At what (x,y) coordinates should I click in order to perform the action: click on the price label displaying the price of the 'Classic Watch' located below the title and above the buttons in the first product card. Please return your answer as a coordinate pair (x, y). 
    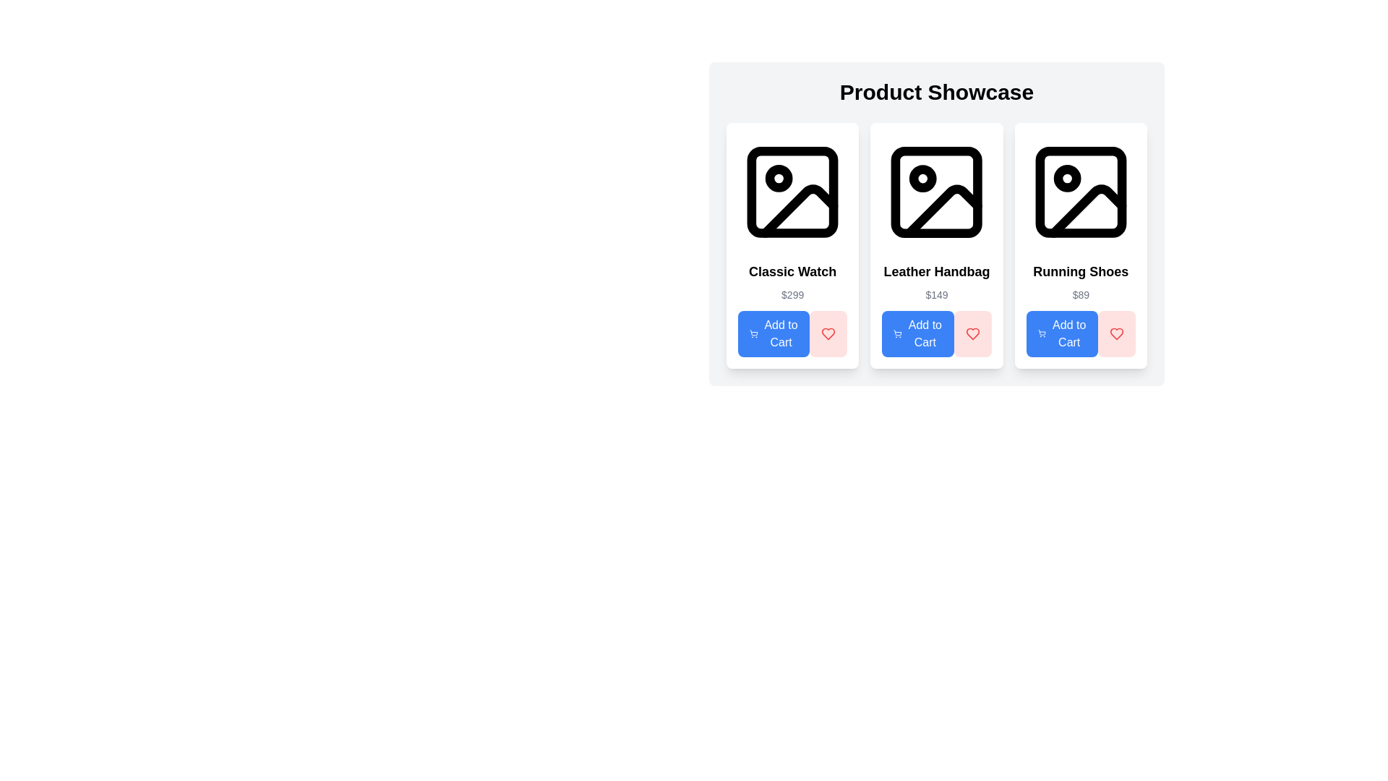
    Looking at the image, I should click on (792, 294).